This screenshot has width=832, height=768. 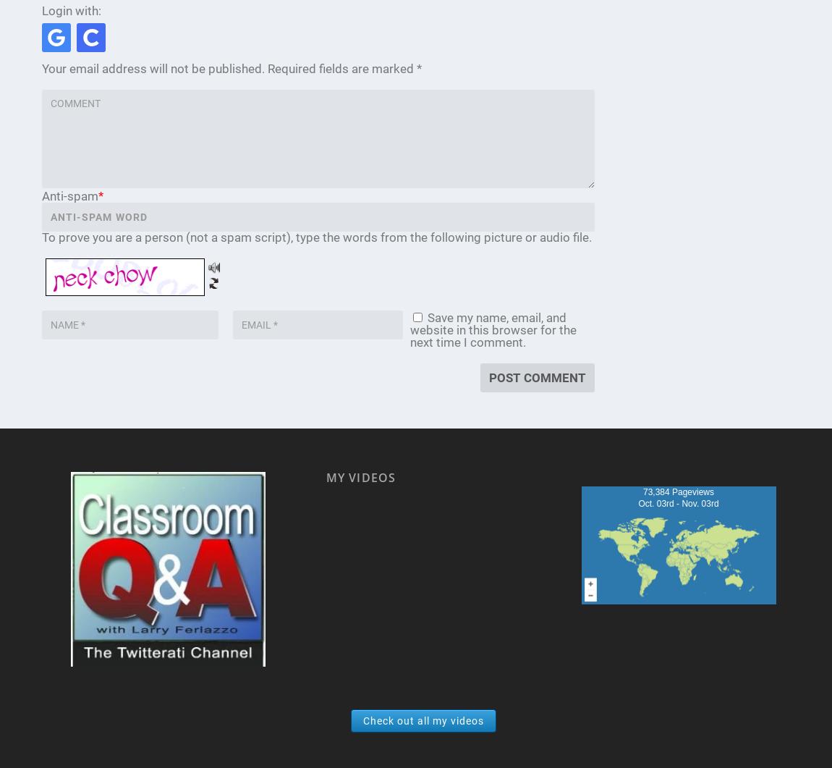 What do you see at coordinates (422, 720) in the screenshot?
I see `'Check out all my videos'` at bounding box center [422, 720].